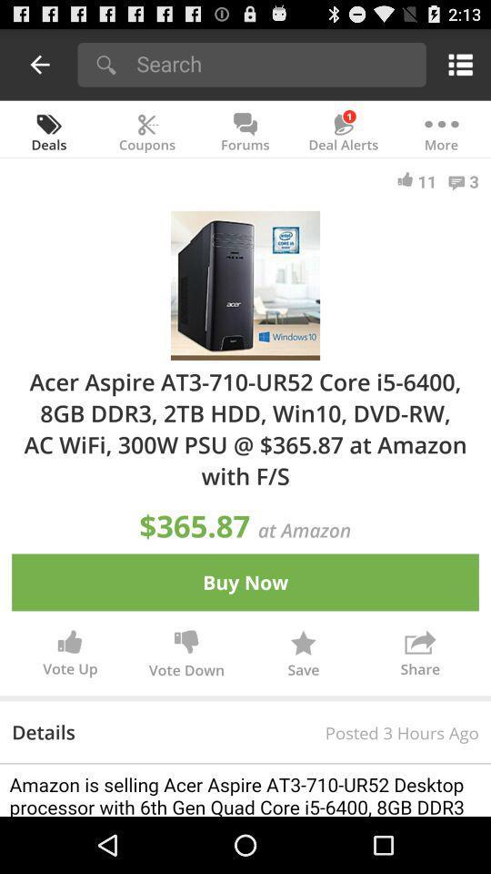 This screenshot has height=874, width=491. What do you see at coordinates (185, 655) in the screenshot?
I see `icon to the right of vote up` at bounding box center [185, 655].